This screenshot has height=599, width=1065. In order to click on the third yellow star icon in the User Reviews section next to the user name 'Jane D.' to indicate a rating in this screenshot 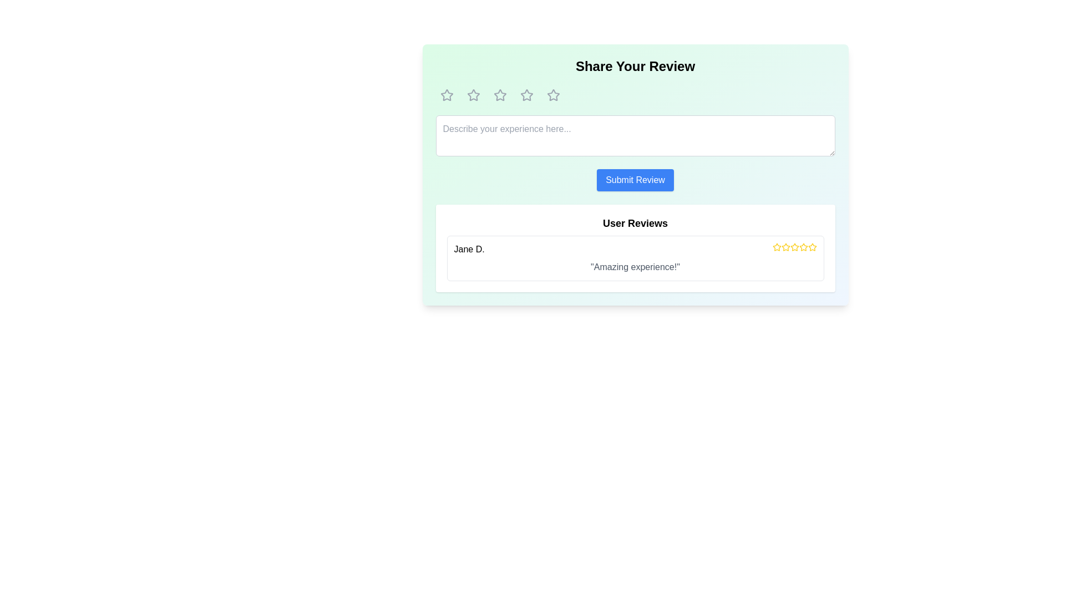, I will do `click(794, 250)`.